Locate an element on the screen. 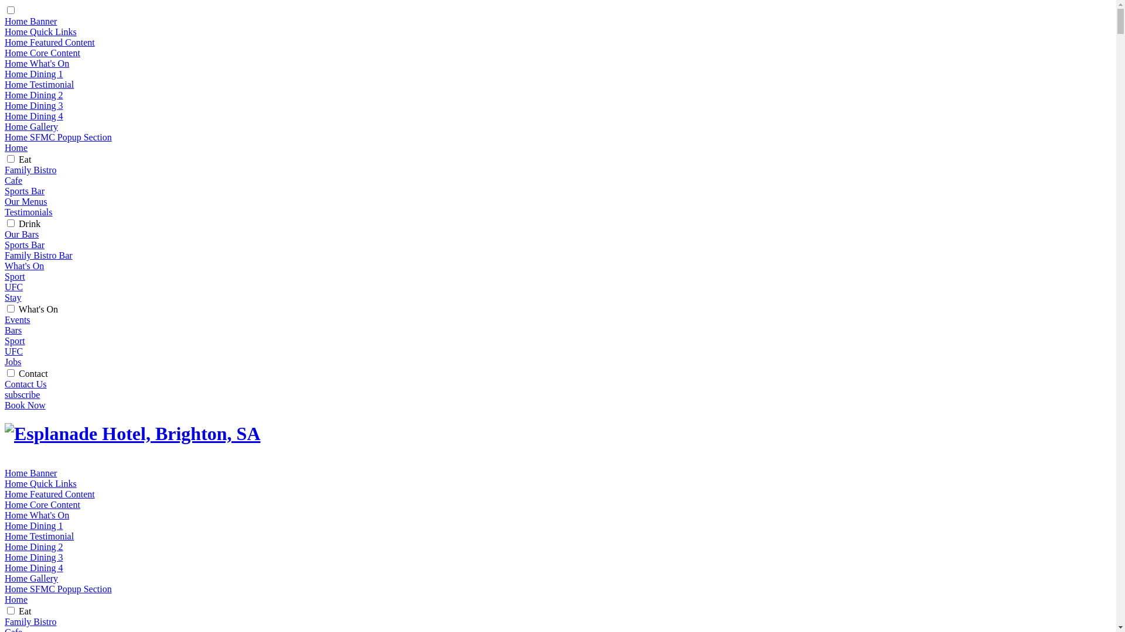  'Home What's On' is located at coordinates (36, 63).